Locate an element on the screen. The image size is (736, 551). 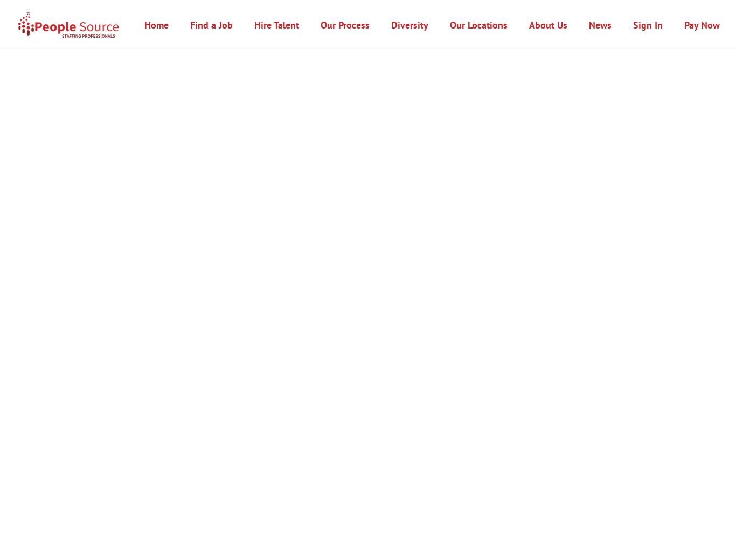
'Our Locations' is located at coordinates (478, 24).